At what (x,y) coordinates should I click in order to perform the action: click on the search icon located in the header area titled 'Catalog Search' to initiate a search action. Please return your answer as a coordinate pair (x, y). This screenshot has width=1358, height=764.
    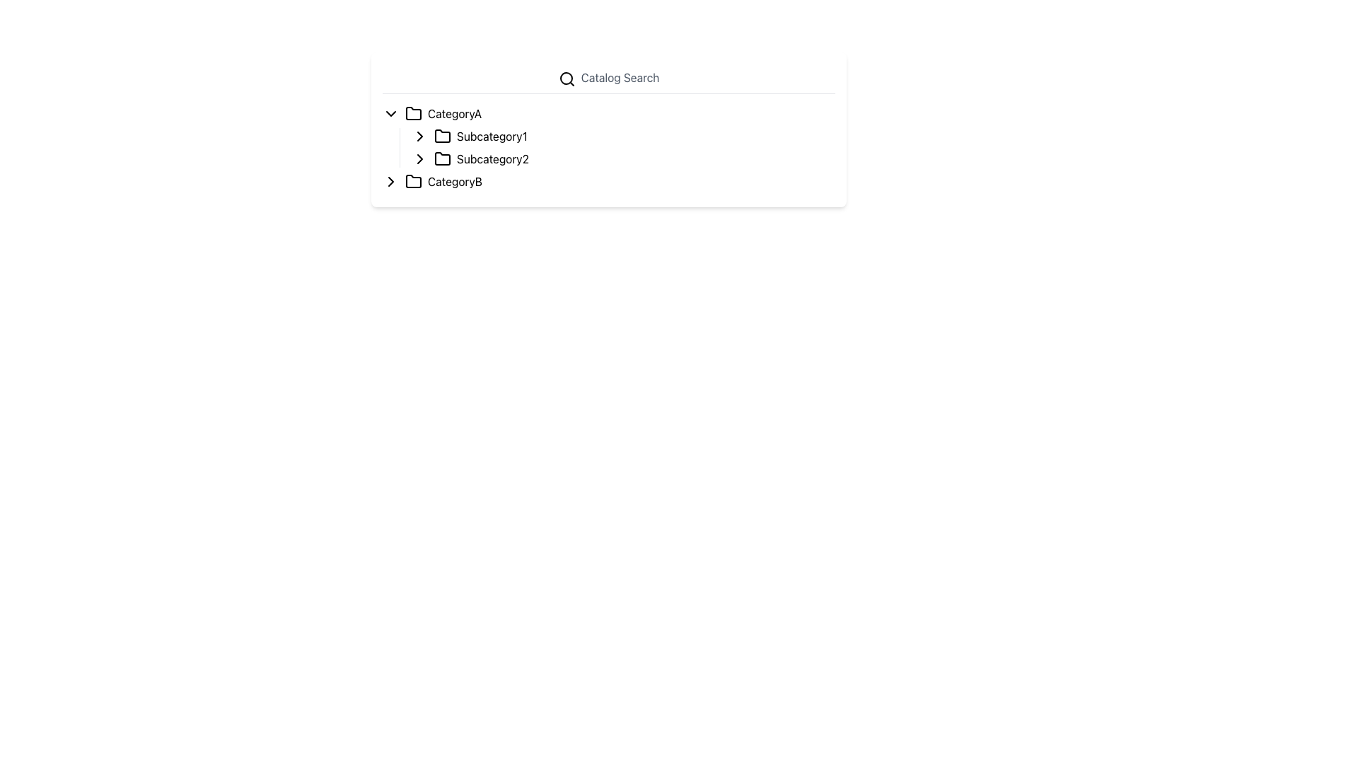
    Looking at the image, I should click on (567, 79).